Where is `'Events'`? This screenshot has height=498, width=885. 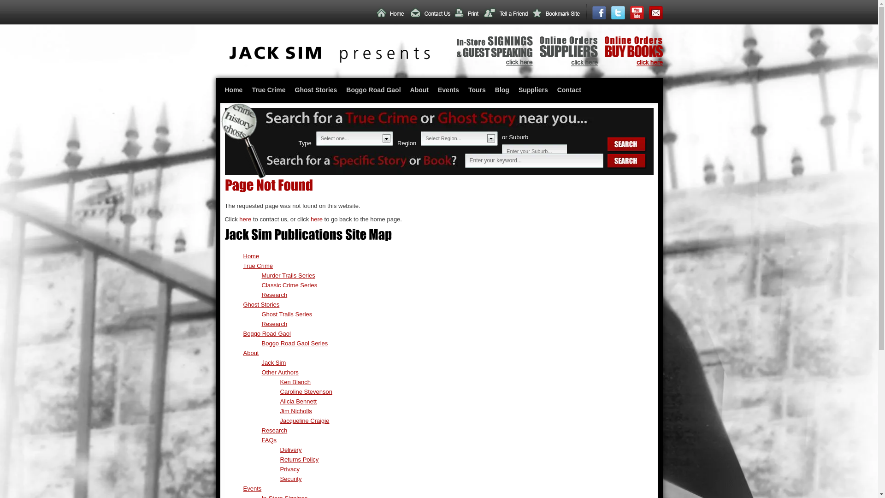
'Events' is located at coordinates (252, 488).